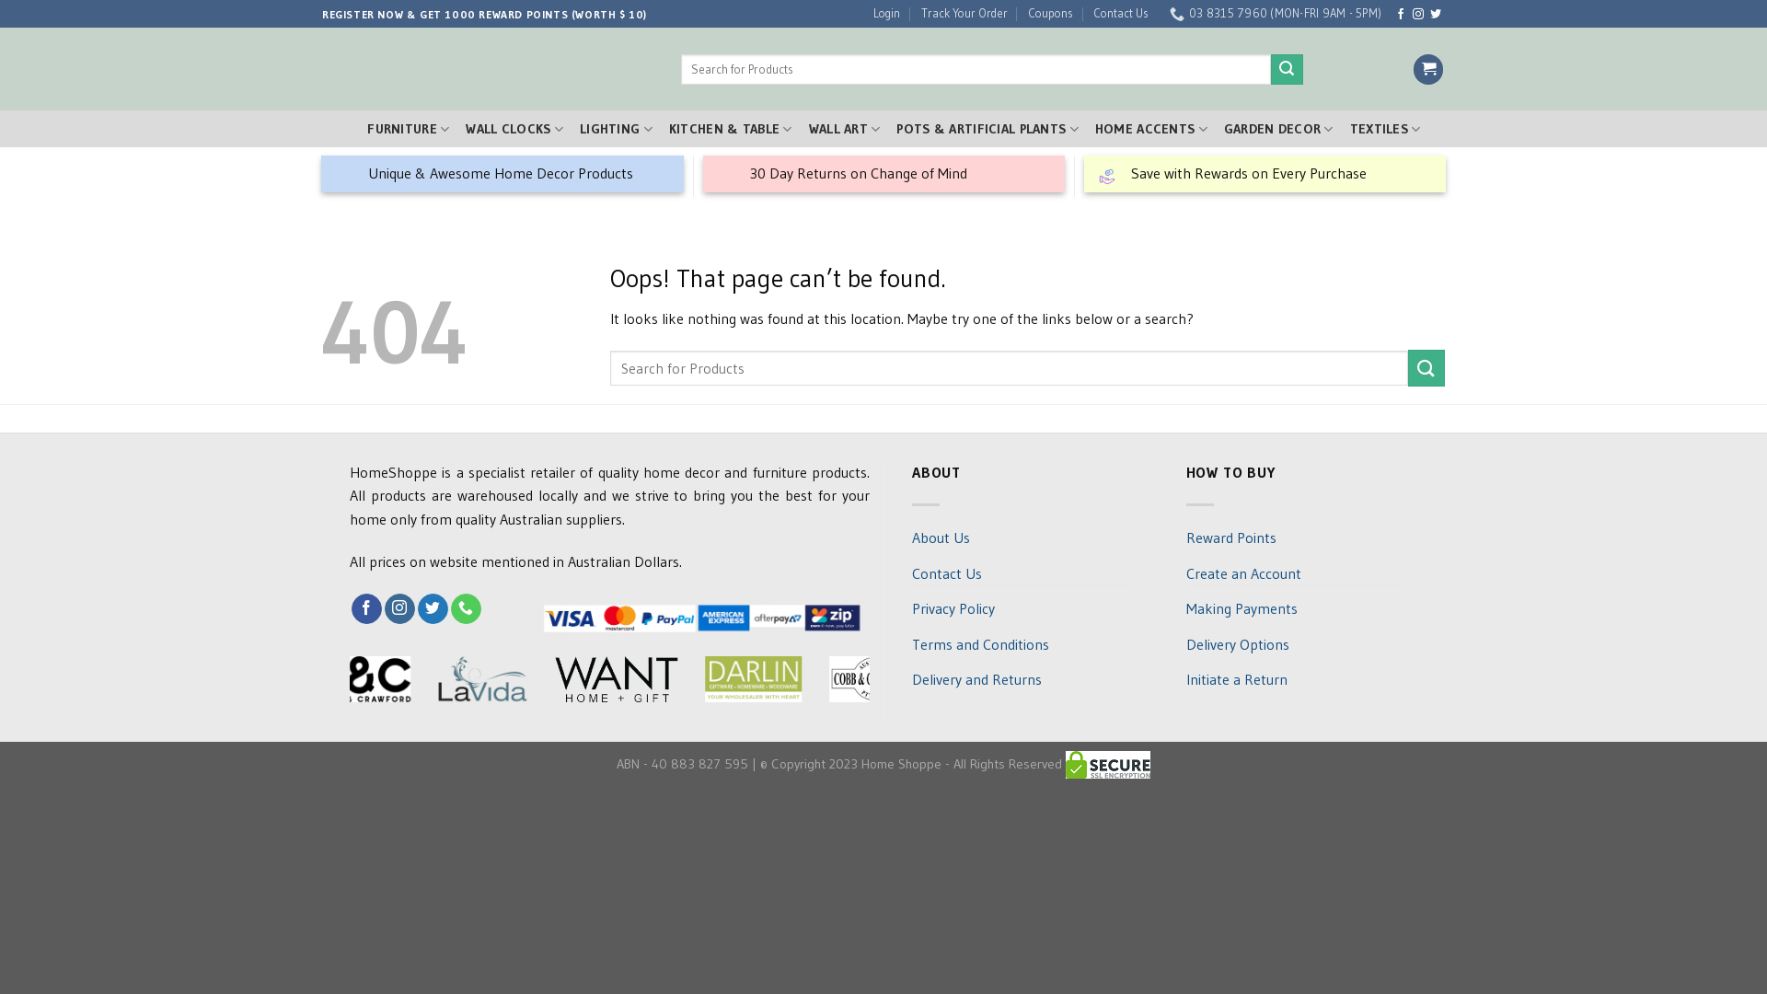 The width and height of the screenshot is (1767, 994). What do you see at coordinates (1264, 174) in the screenshot?
I see `'Save with Rewards on Every Purchase'` at bounding box center [1264, 174].